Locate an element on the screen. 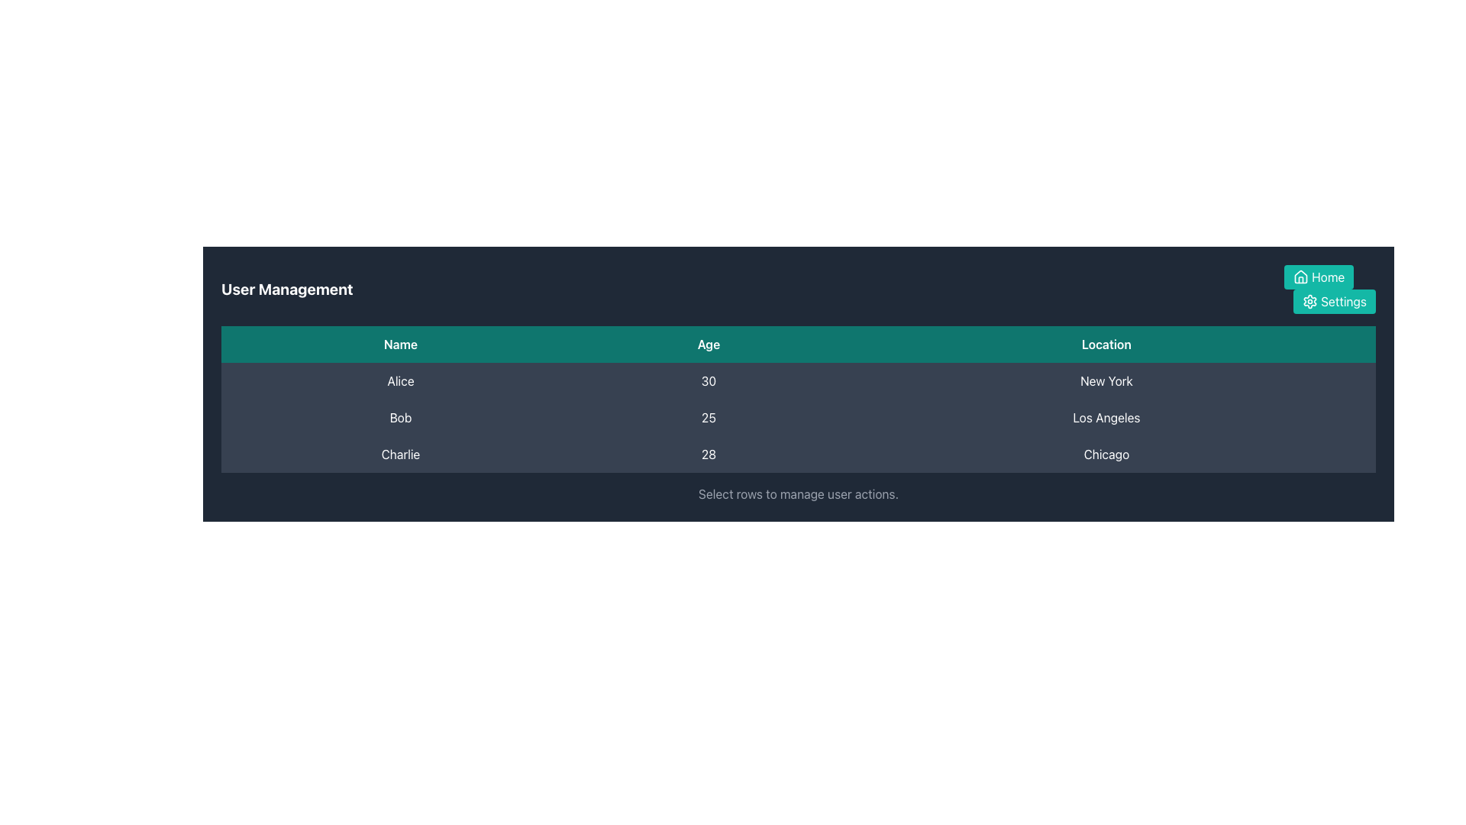  the gear icon within the 'Settings' button is located at coordinates (1309, 301).